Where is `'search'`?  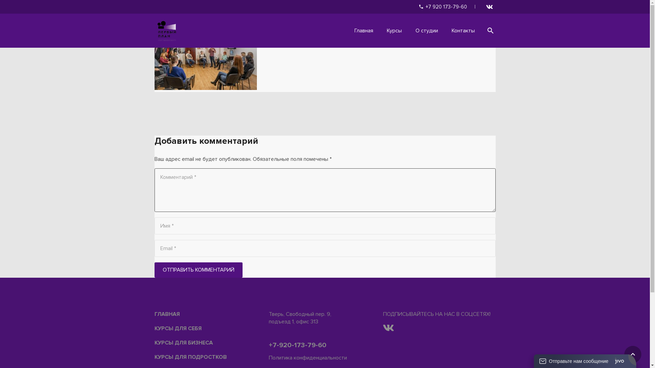 'search' is located at coordinates (481, 31).